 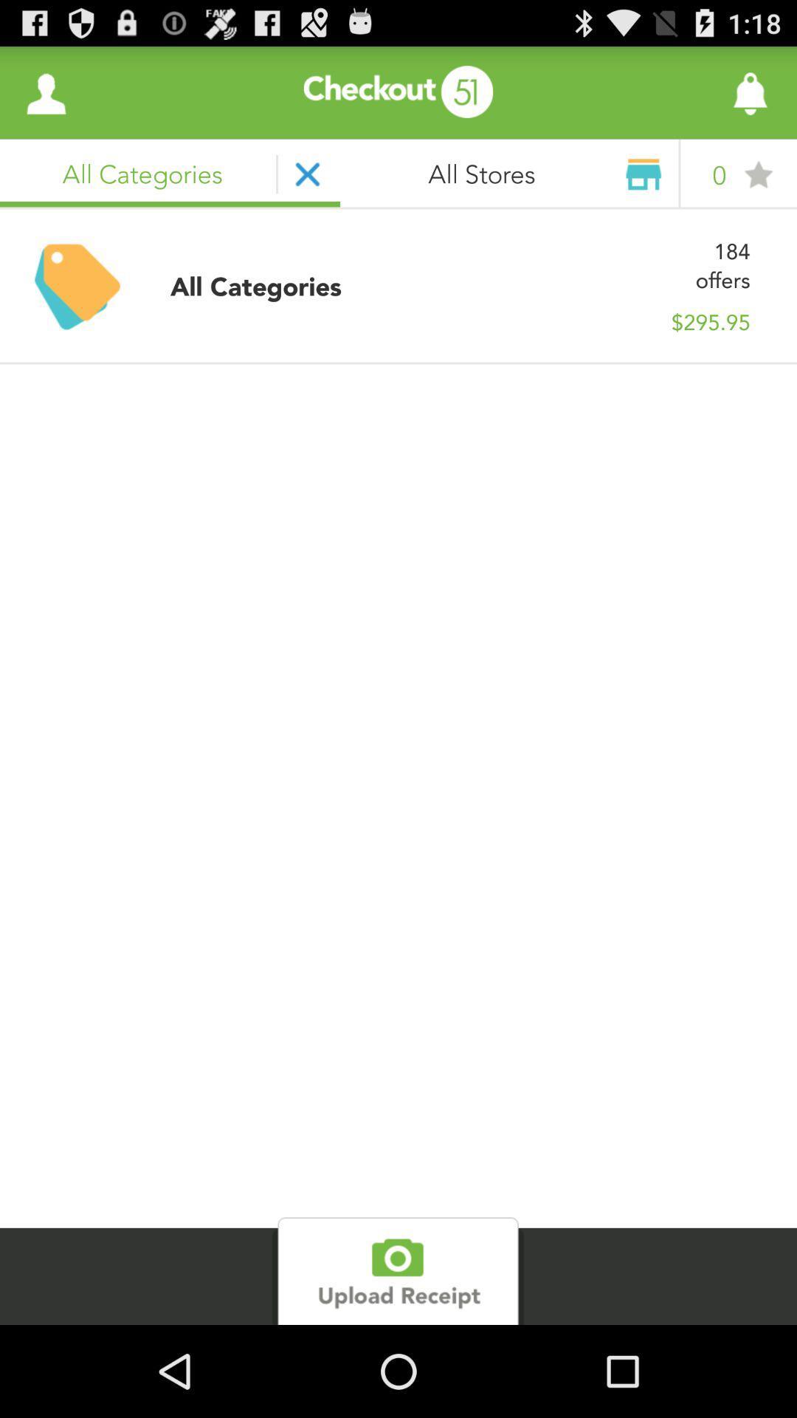 What do you see at coordinates (397, 1270) in the screenshot?
I see `the last option which is in the green color` at bounding box center [397, 1270].